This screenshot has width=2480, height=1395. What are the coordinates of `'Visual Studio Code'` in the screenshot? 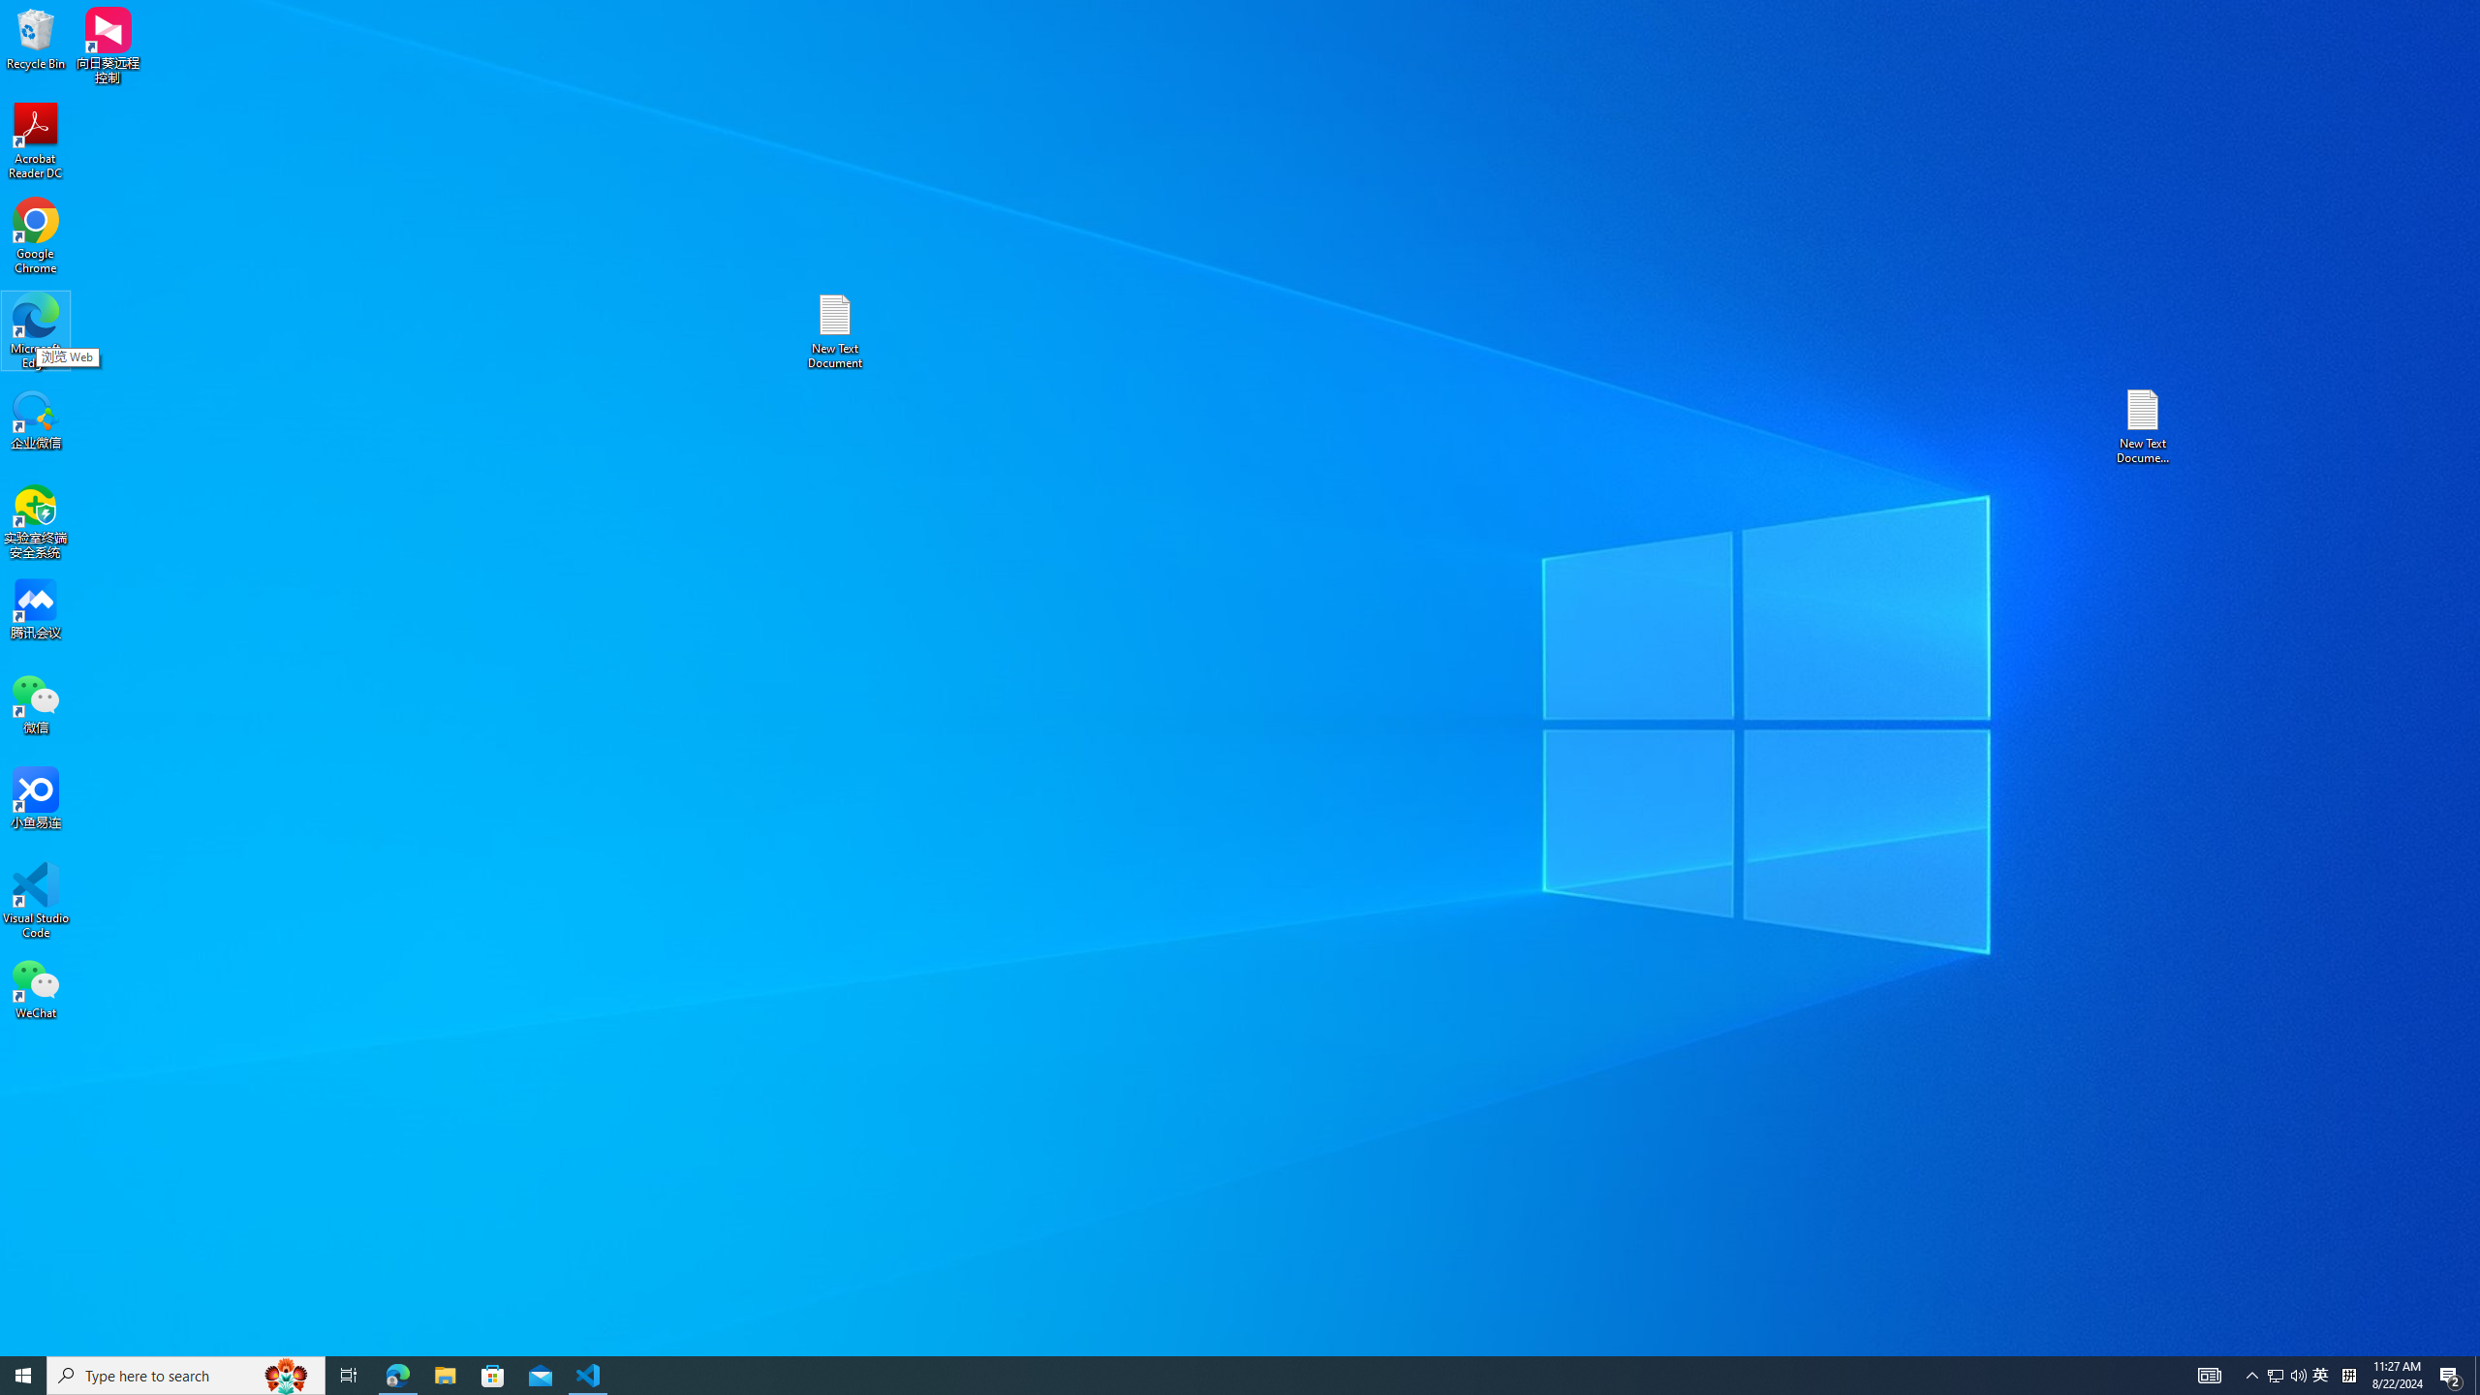 It's located at (35, 899).